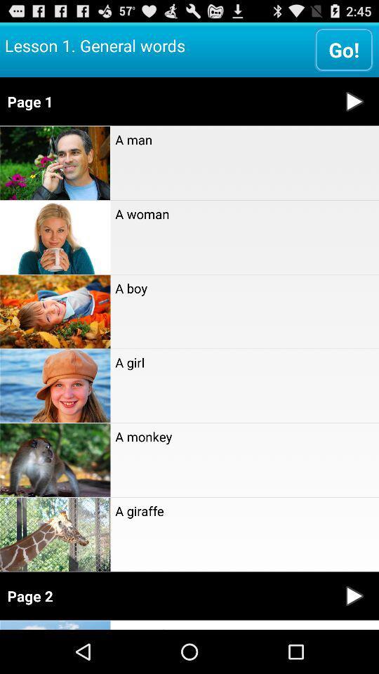  What do you see at coordinates (354, 595) in the screenshot?
I see `play` at bounding box center [354, 595].